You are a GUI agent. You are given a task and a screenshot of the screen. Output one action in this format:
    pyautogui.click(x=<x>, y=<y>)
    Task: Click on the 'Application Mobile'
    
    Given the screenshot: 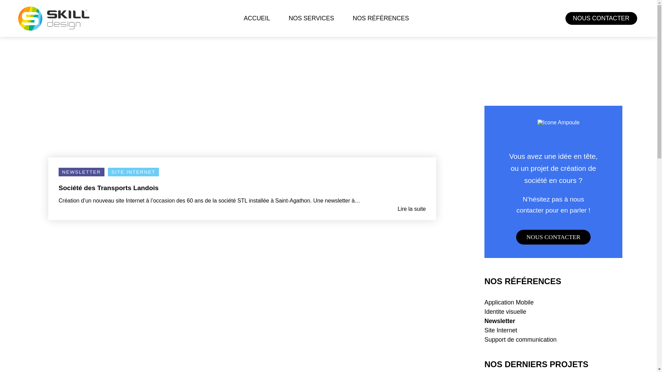 What is the action you would take?
    pyautogui.click(x=509, y=302)
    